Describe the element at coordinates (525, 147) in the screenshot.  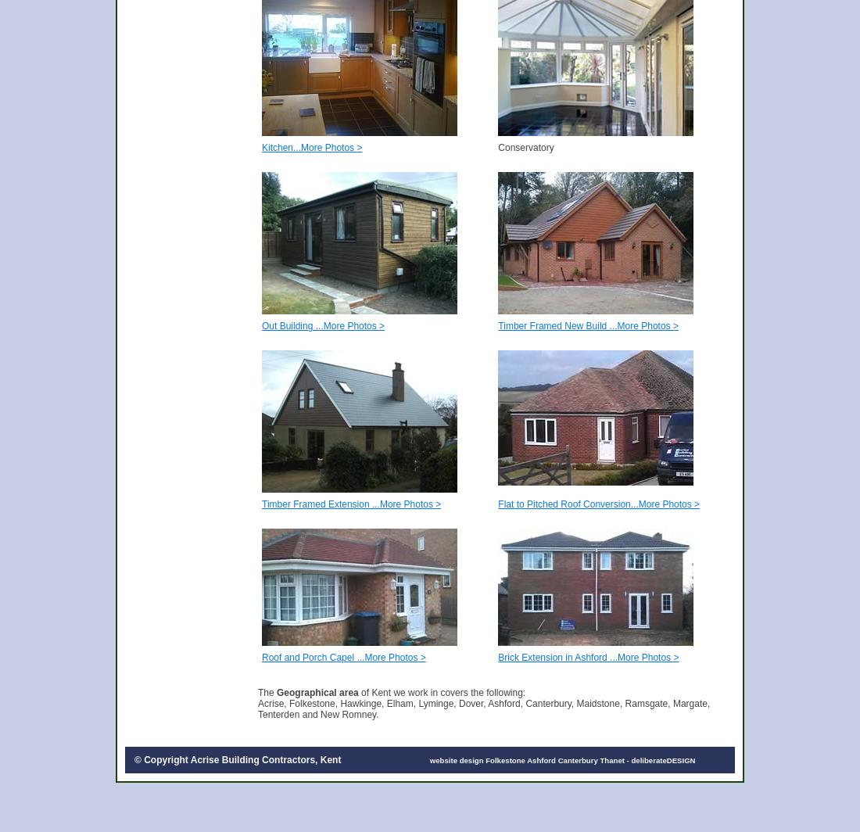
I see `'Conservatory'` at that location.